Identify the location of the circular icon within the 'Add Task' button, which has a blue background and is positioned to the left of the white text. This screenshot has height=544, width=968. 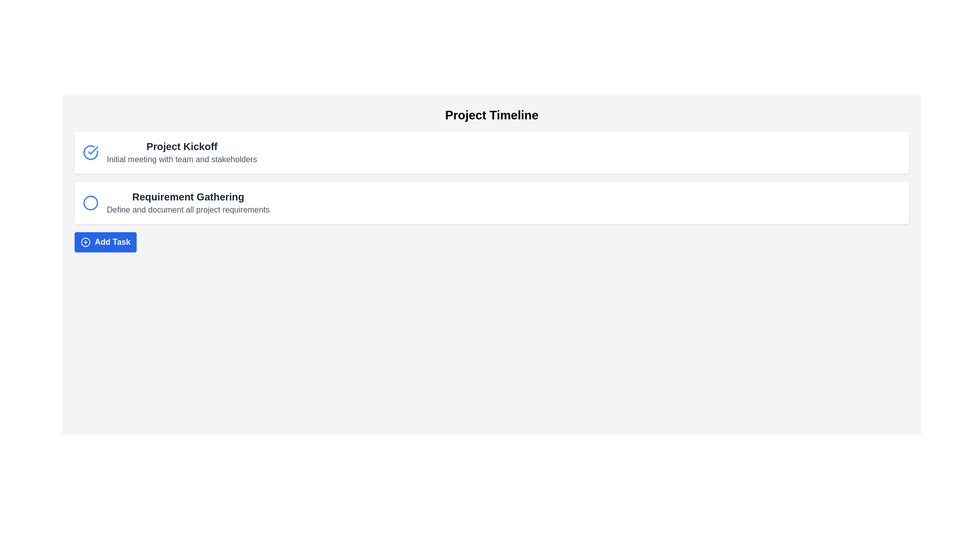
(85, 242).